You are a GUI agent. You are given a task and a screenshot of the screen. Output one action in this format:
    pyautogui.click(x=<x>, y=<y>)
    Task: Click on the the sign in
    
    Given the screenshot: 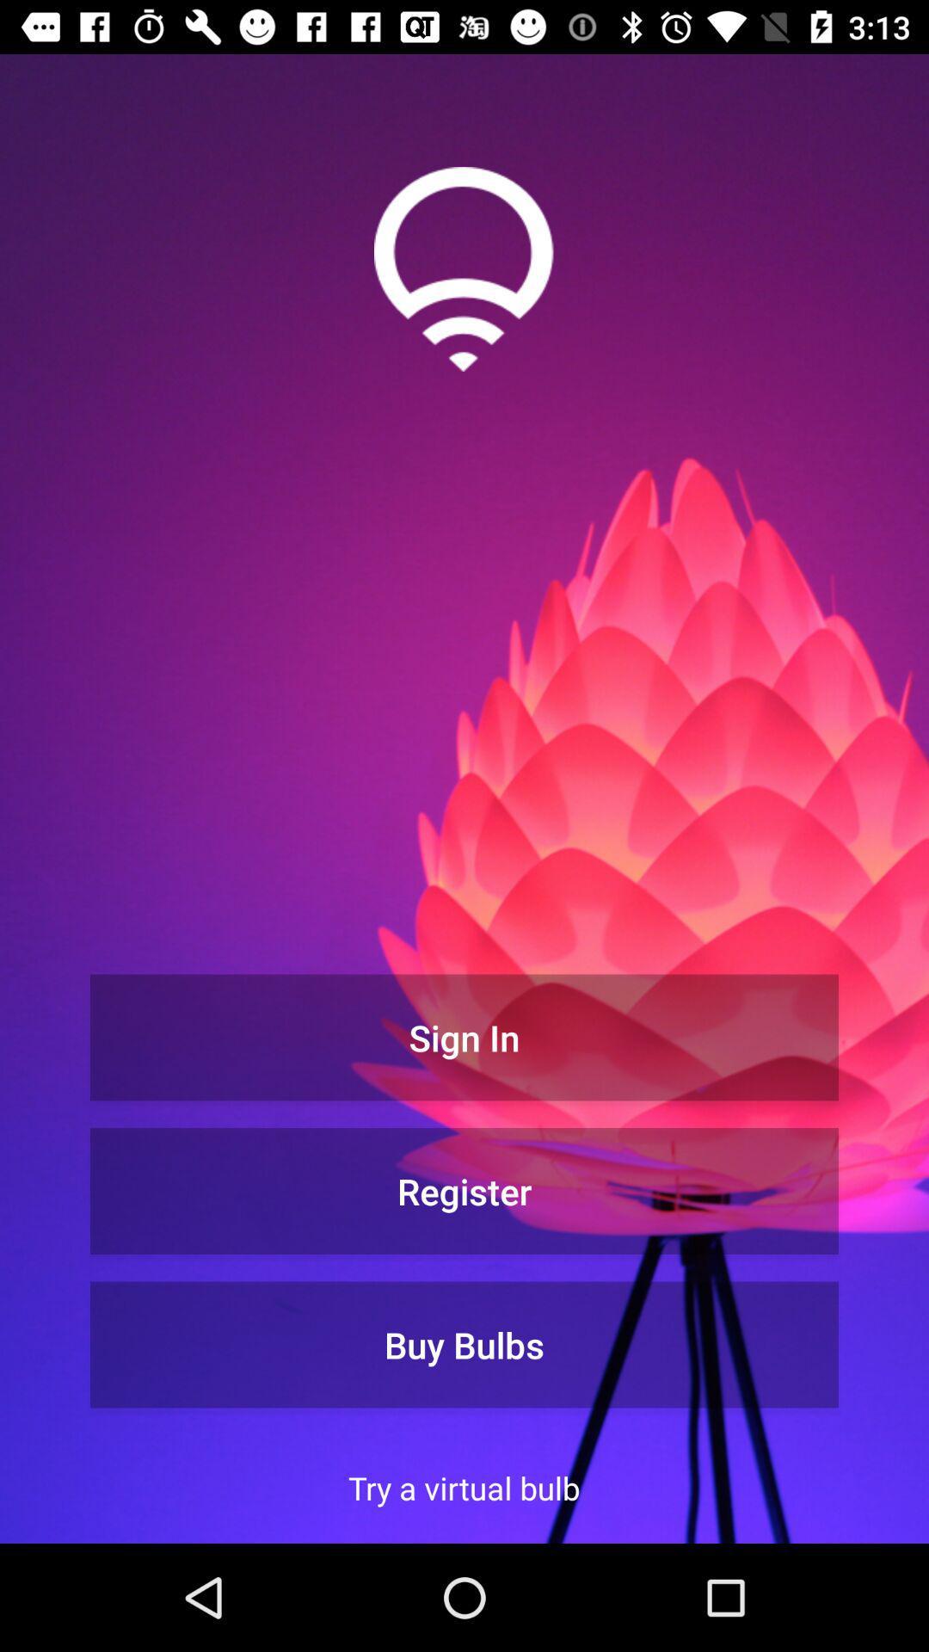 What is the action you would take?
    pyautogui.click(x=464, y=1036)
    